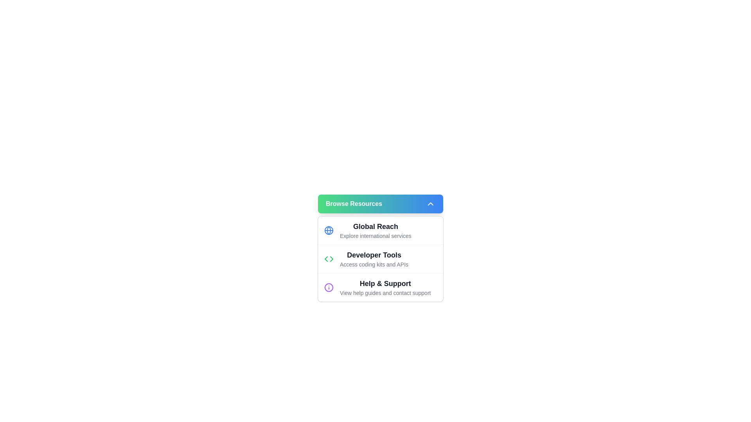  Describe the element at coordinates (374, 259) in the screenshot. I see `the 'Developer Tools' text label, which is the second item in the dropdown list, located below 'Global Reach' and above 'Help & Support'` at that location.